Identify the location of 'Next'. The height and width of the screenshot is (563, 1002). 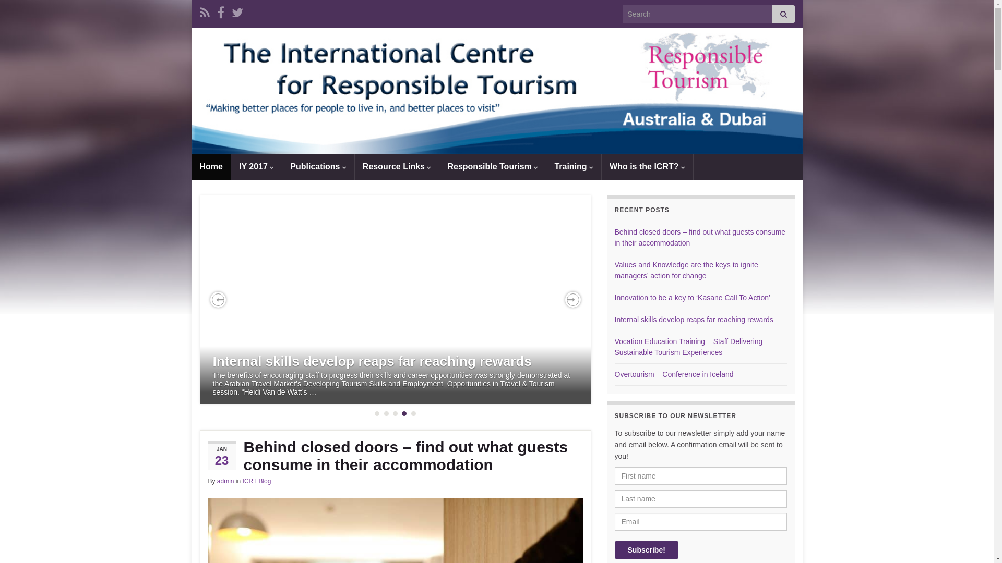
(572, 299).